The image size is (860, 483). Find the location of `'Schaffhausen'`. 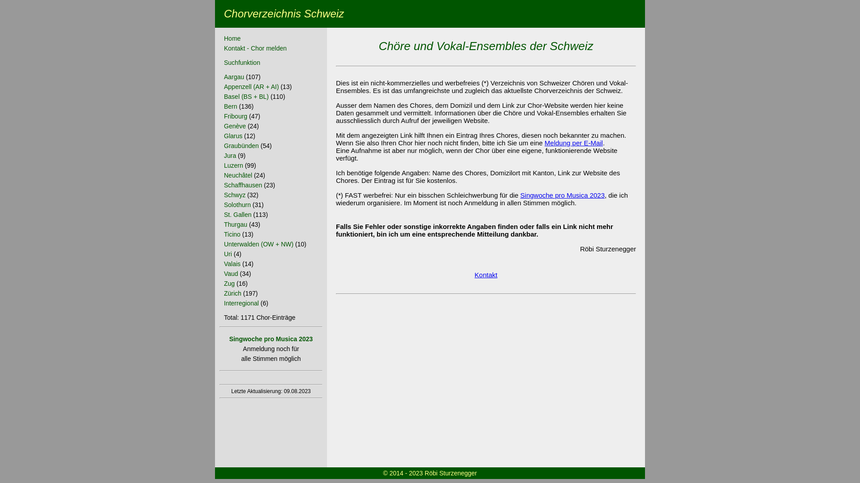

'Schaffhausen' is located at coordinates (243, 184).